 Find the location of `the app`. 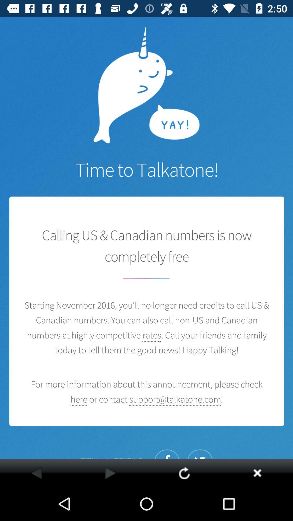

the app is located at coordinates (257, 472).